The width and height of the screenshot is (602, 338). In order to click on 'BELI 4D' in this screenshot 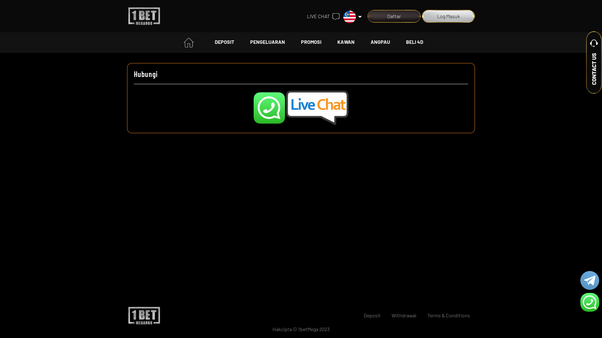, I will do `click(415, 42)`.